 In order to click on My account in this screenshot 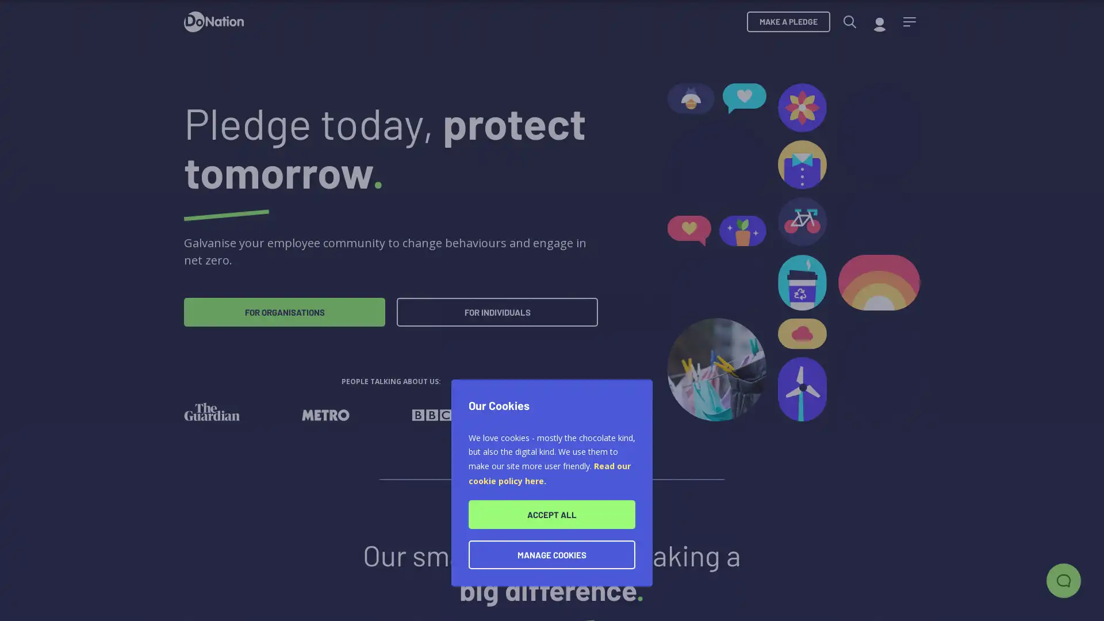, I will do `click(879, 22)`.